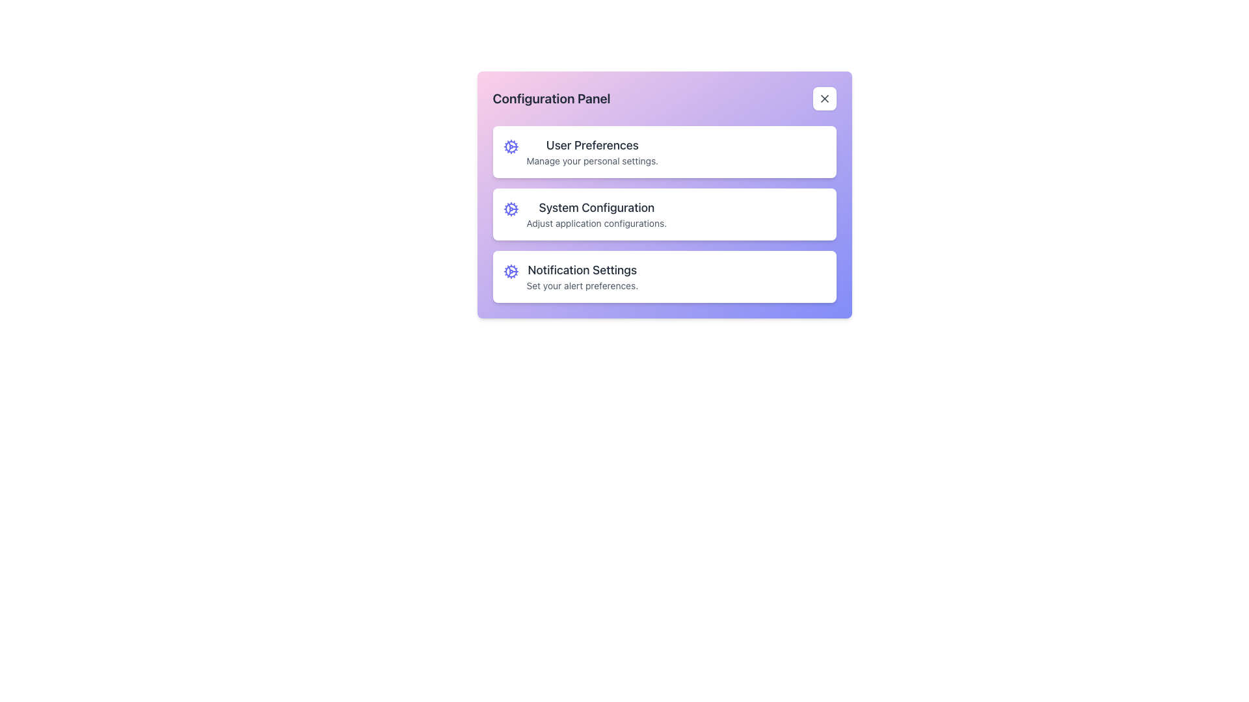 The image size is (1249, 702). Describe the element at coordinates (591, 151) in the screenshot. I see `the informational text block titled 'User Preferences' within the 'Configuration Panel' modal, which includes a bold title and a subtitle, positioned at the top of the list` at that location.